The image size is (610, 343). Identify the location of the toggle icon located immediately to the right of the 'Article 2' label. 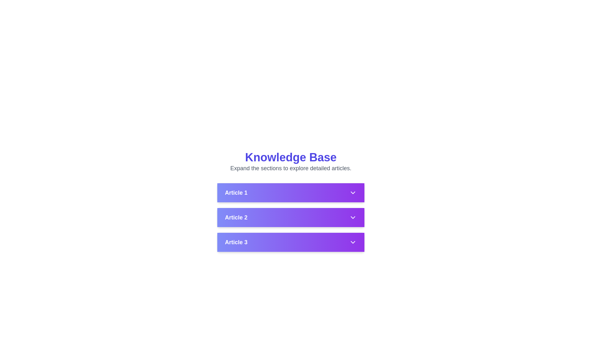
(352, 217).